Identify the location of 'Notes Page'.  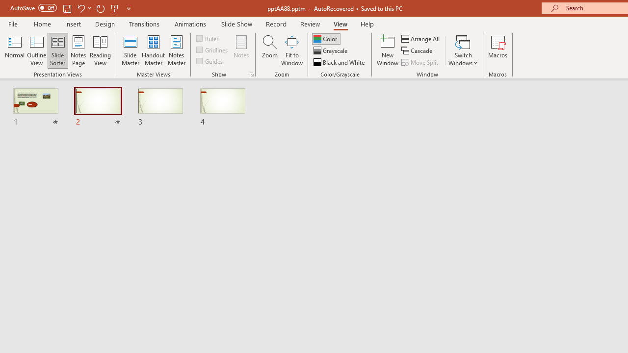
(78, 50).